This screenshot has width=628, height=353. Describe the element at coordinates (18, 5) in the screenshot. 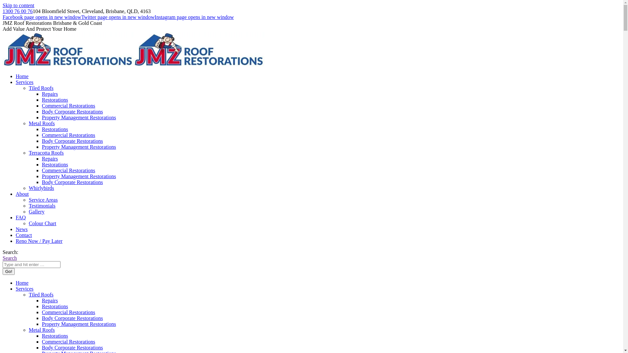

I see `'Skip to content'` at that location.